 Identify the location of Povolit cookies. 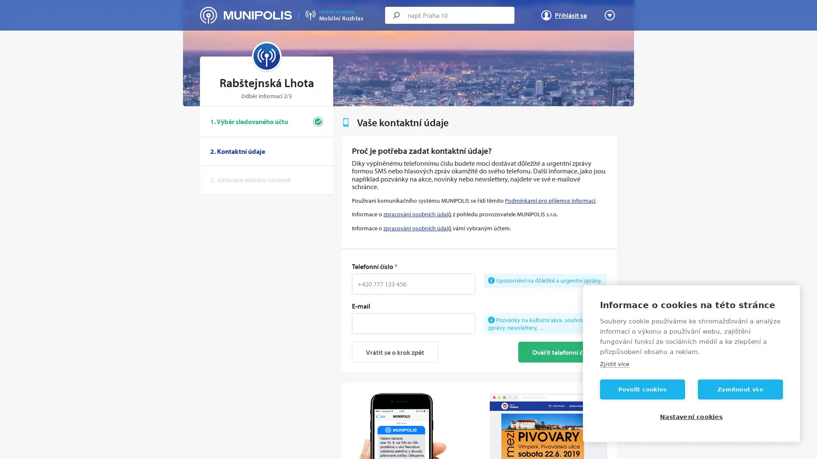
(643, 389).